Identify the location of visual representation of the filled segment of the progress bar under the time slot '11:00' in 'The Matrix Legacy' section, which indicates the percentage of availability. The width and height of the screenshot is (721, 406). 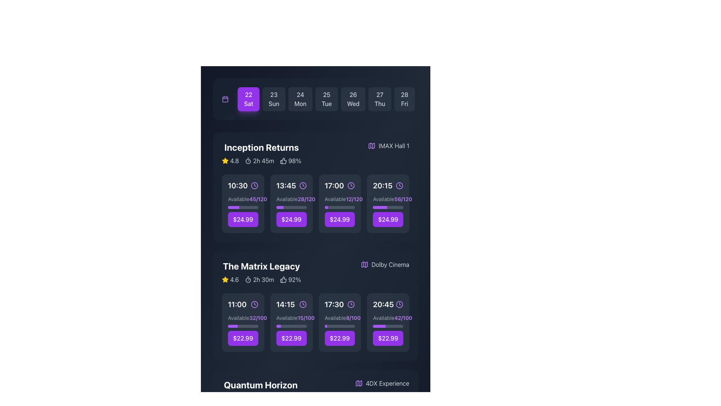
(232, 326).